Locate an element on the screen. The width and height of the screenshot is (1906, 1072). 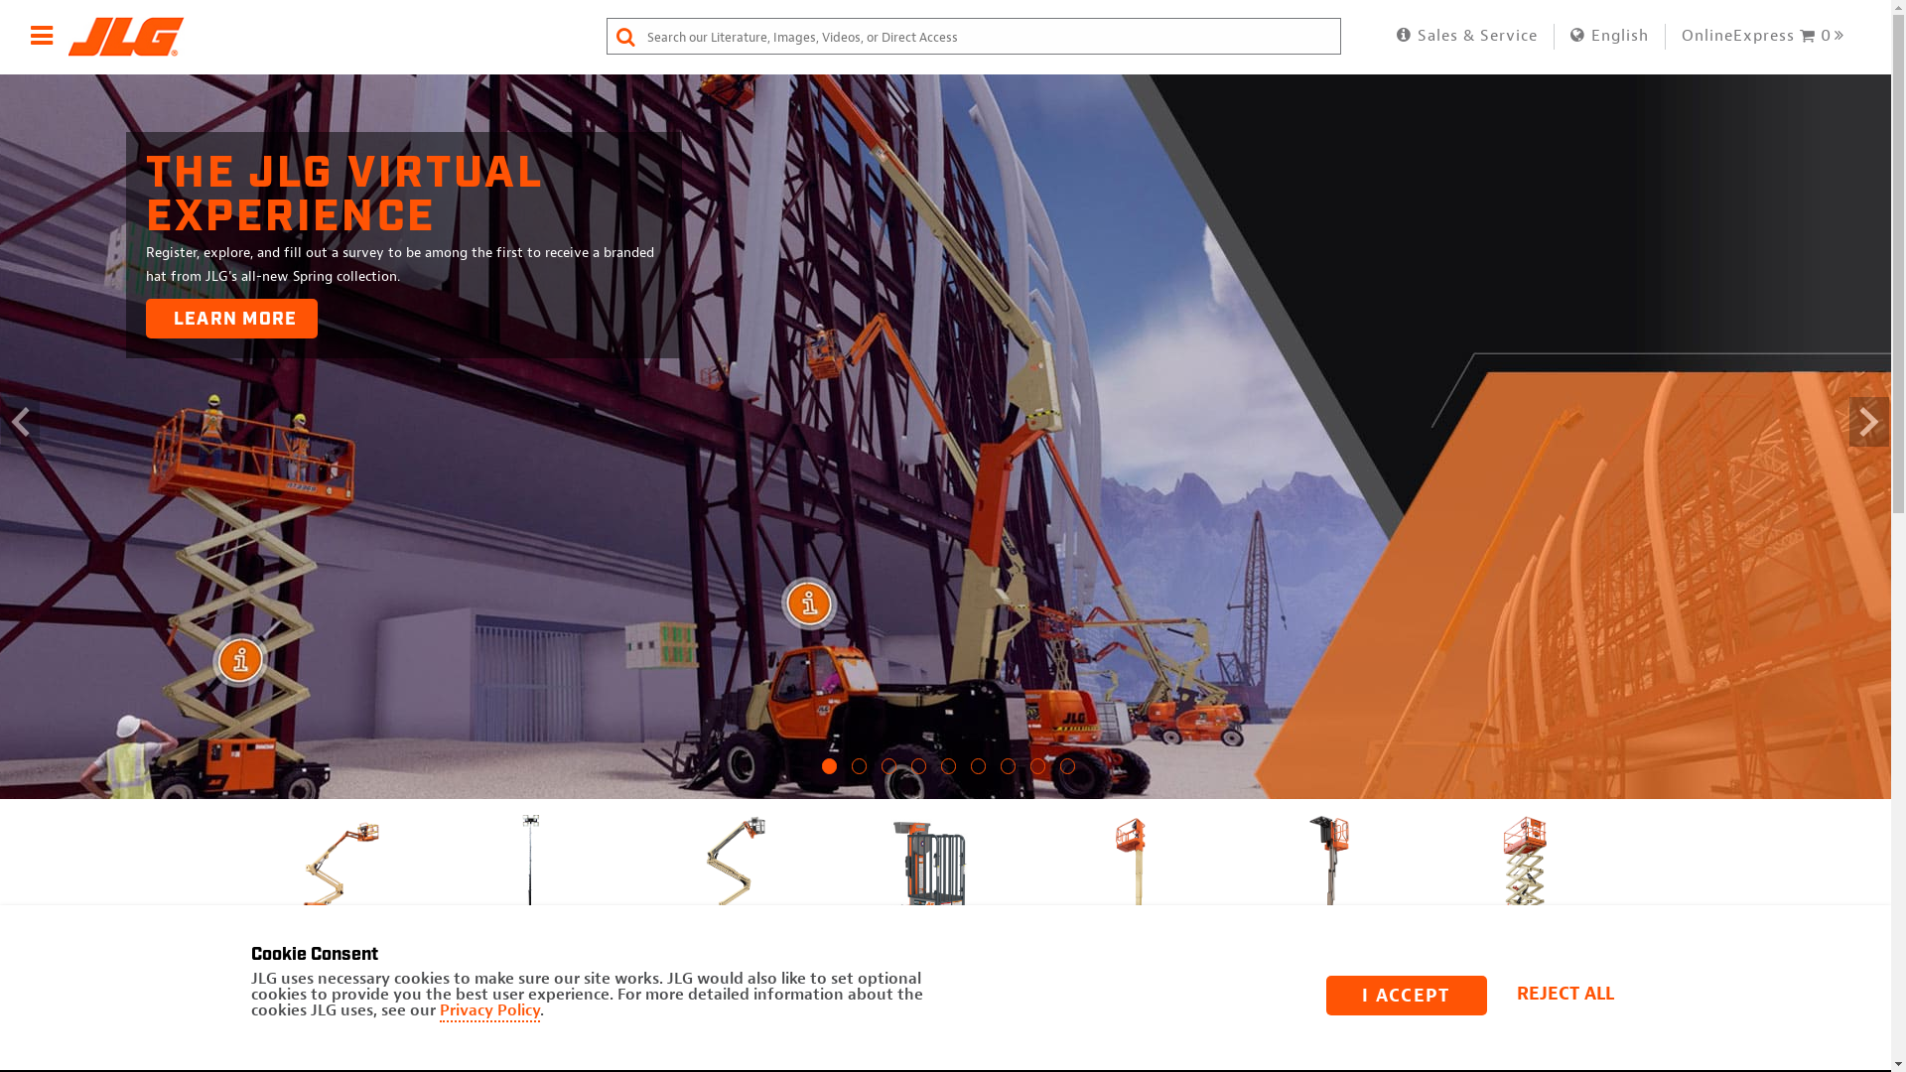
'Stock Pickers' is located at coordinates (1242, 882).